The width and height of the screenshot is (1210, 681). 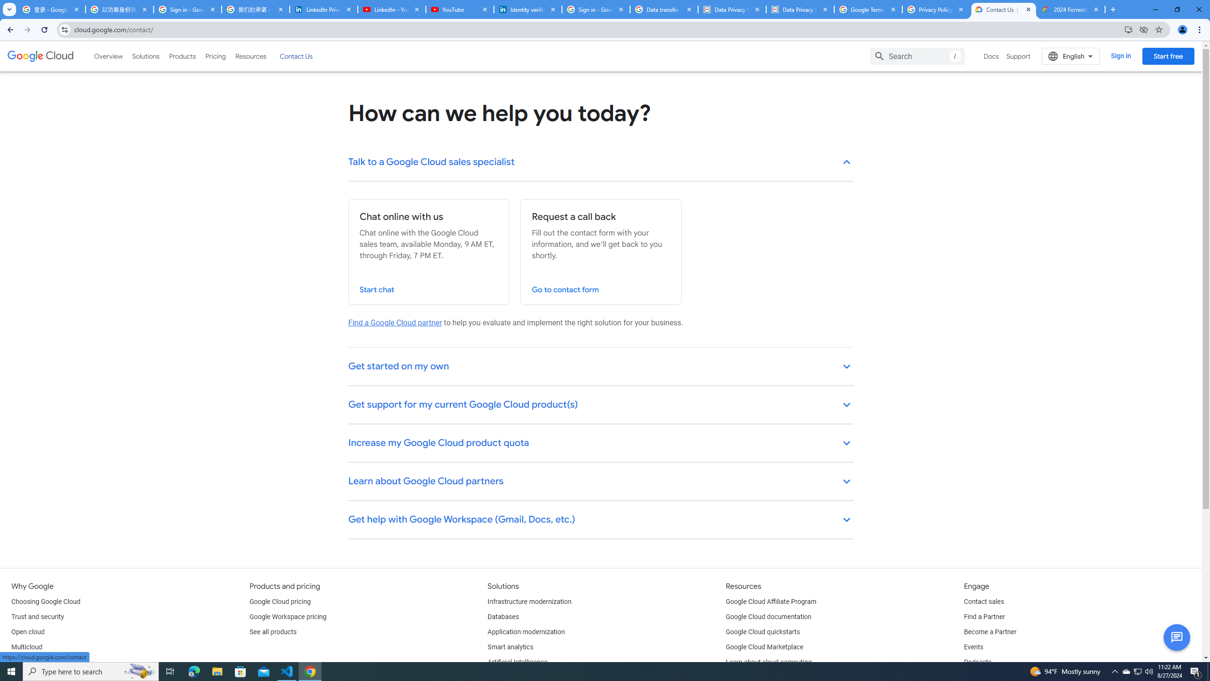 I want to click on 'Learn about cloud computing', so click(x=769, y=663).